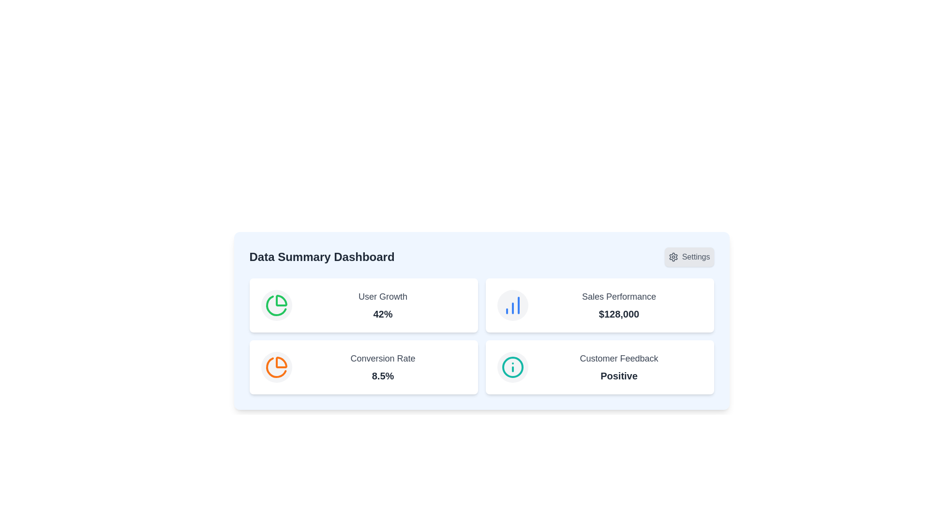 This screenshot has height=522, width=929. I want to click on the text label located above the '$128,000' text in the top-right quadrant of the interface grid layout, so click(618, 296).